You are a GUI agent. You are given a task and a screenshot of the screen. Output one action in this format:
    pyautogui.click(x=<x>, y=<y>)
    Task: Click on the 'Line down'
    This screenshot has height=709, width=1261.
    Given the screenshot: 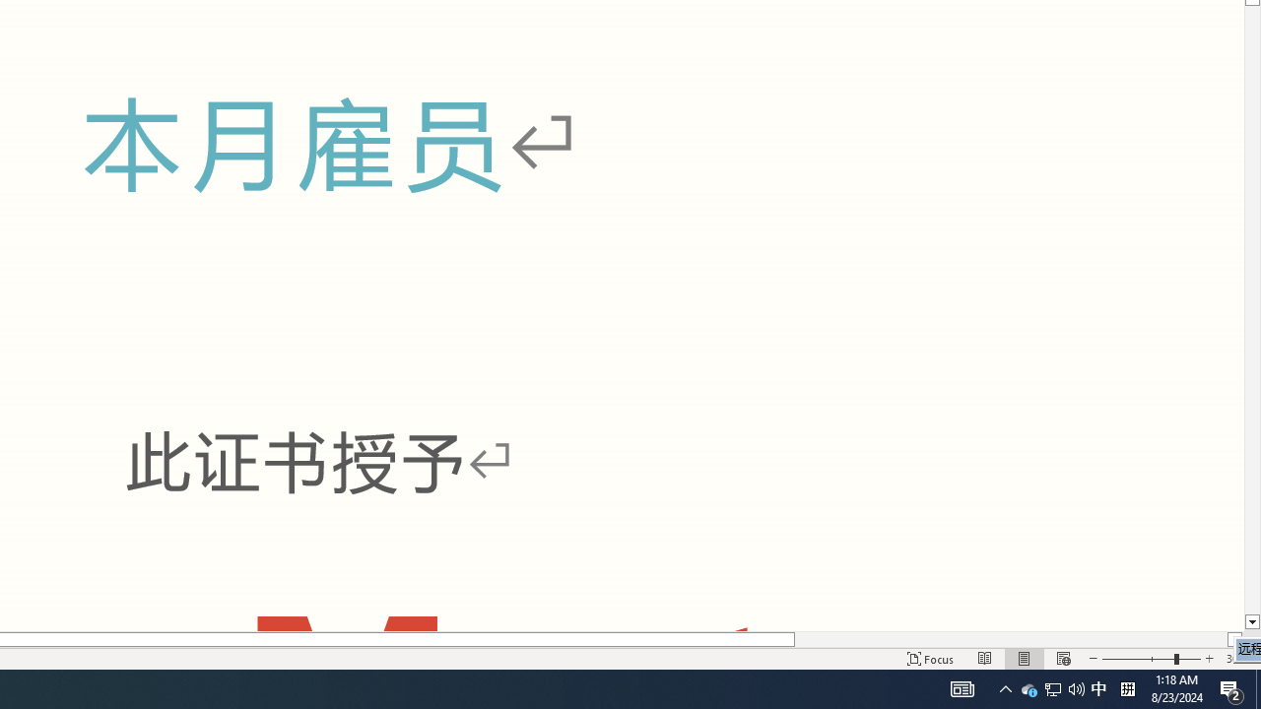 What is the action you would take?
    pyautogui.click(x=1251, y=622)
    